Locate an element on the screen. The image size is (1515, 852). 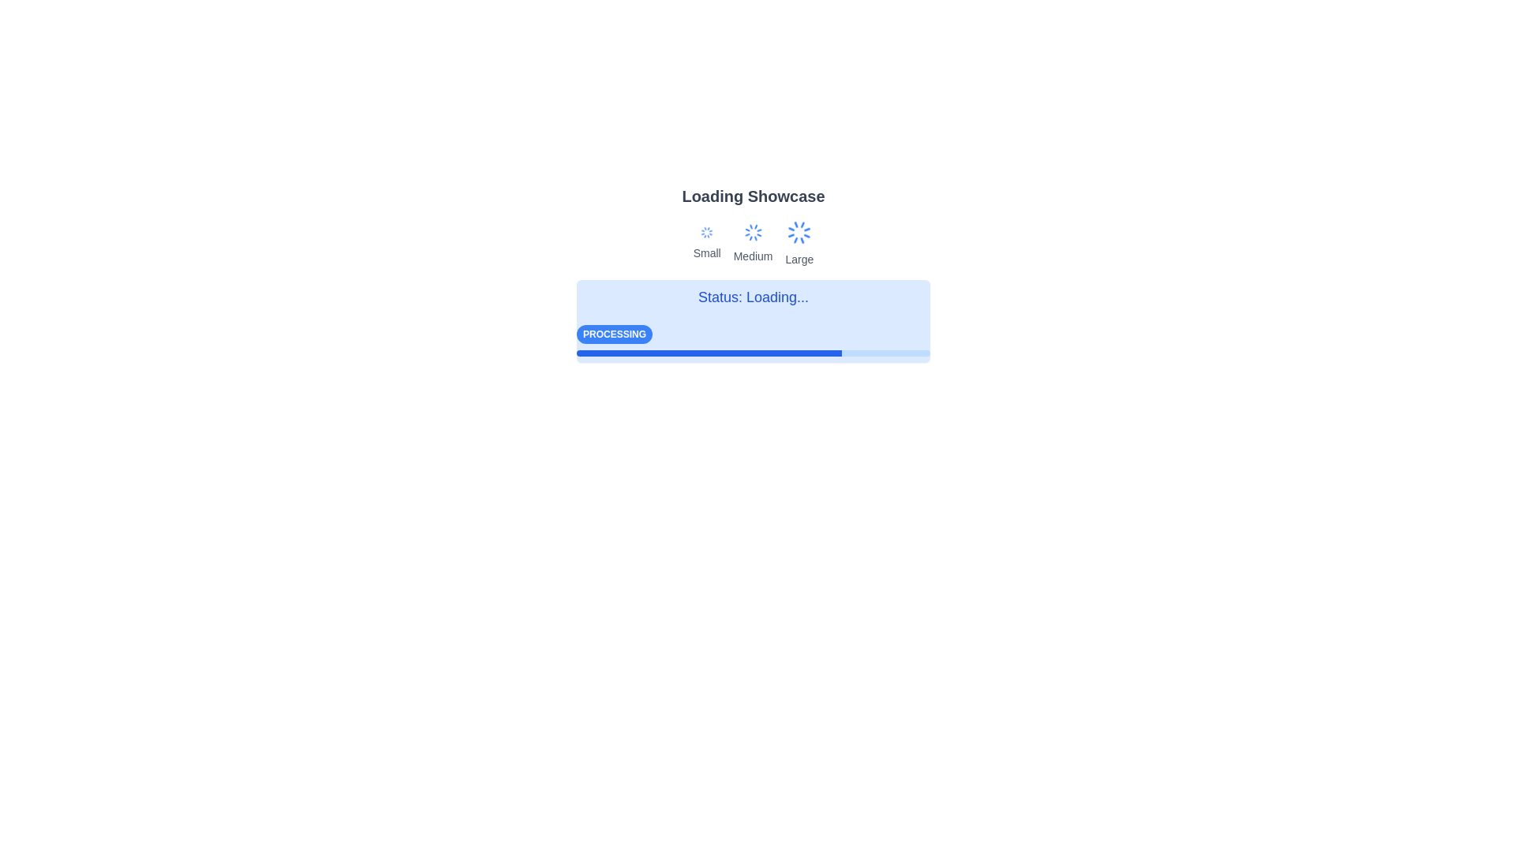
the medium-sized spinner loading indicator, which has thin blue lines radiating outward and is positioned above the 'Medium' label is located at coordinates (752, 232).